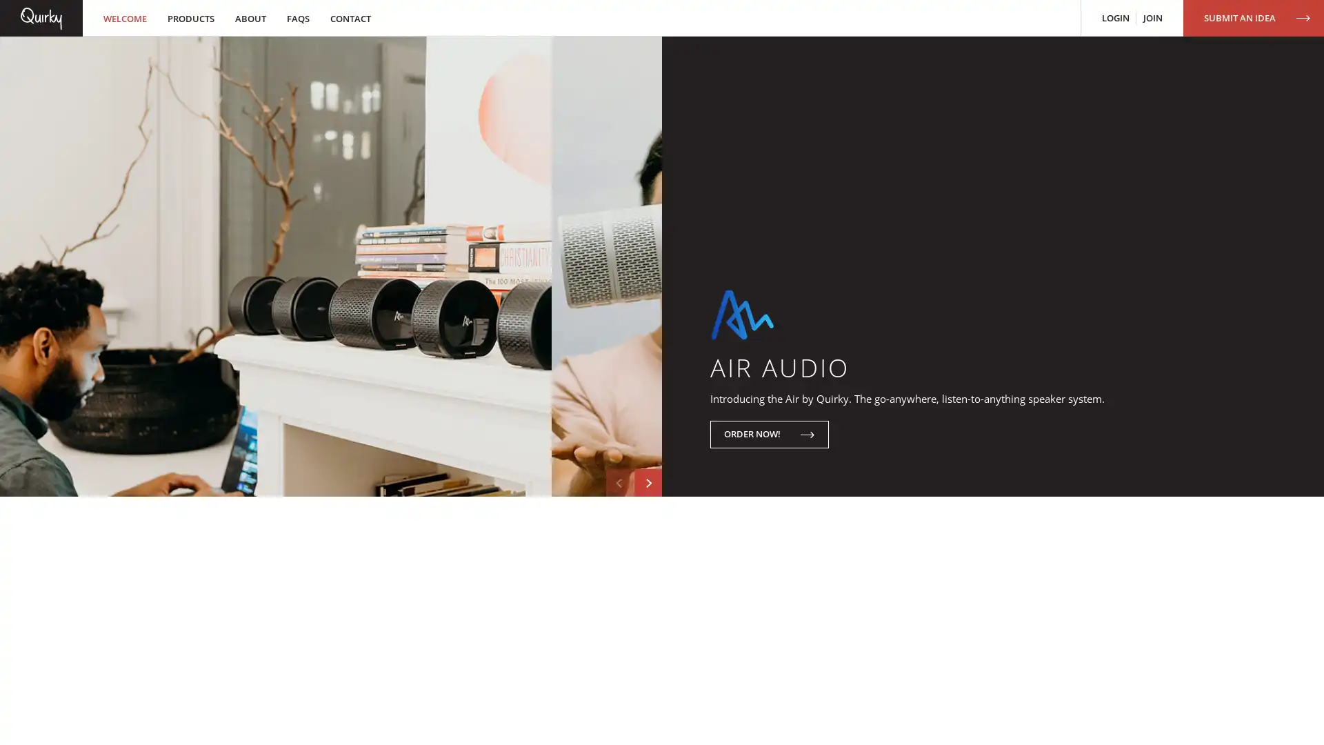  What do you see at coordinates (648, 575) in the screenshot?
I see `Next` at bounding box center [648, 575].